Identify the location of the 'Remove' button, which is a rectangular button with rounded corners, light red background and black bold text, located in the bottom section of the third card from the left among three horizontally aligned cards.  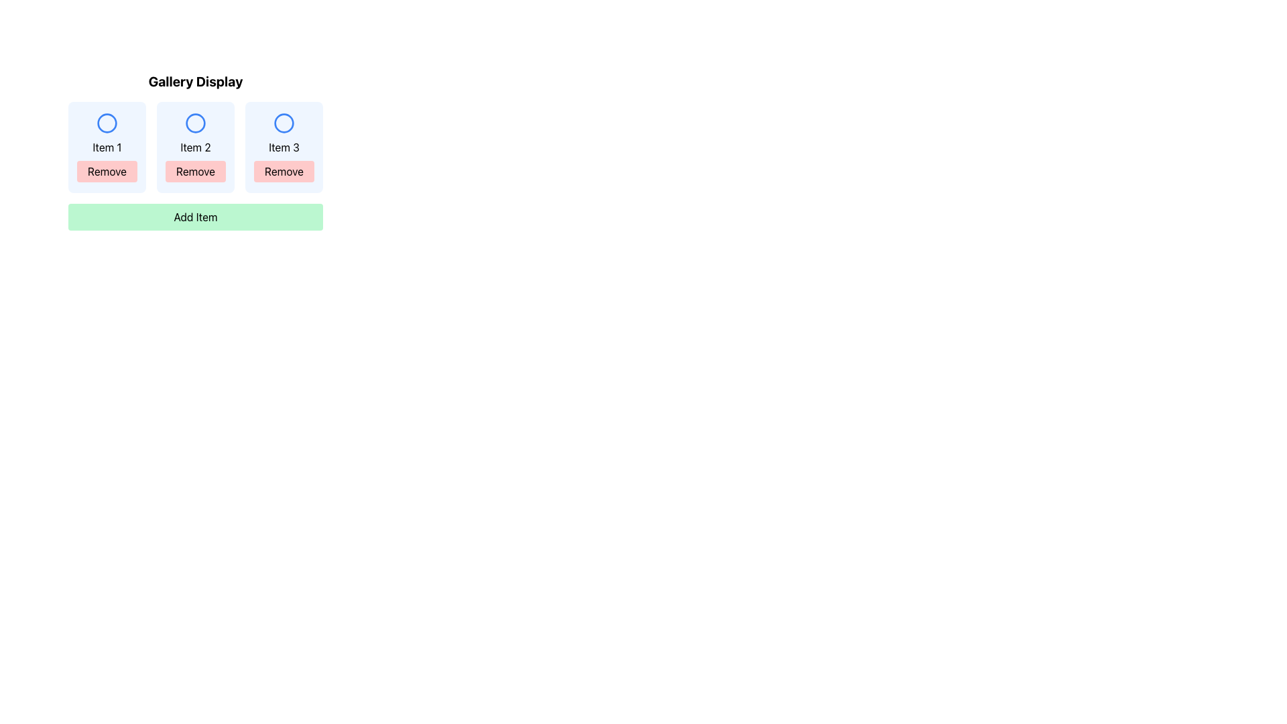
(283, 170).